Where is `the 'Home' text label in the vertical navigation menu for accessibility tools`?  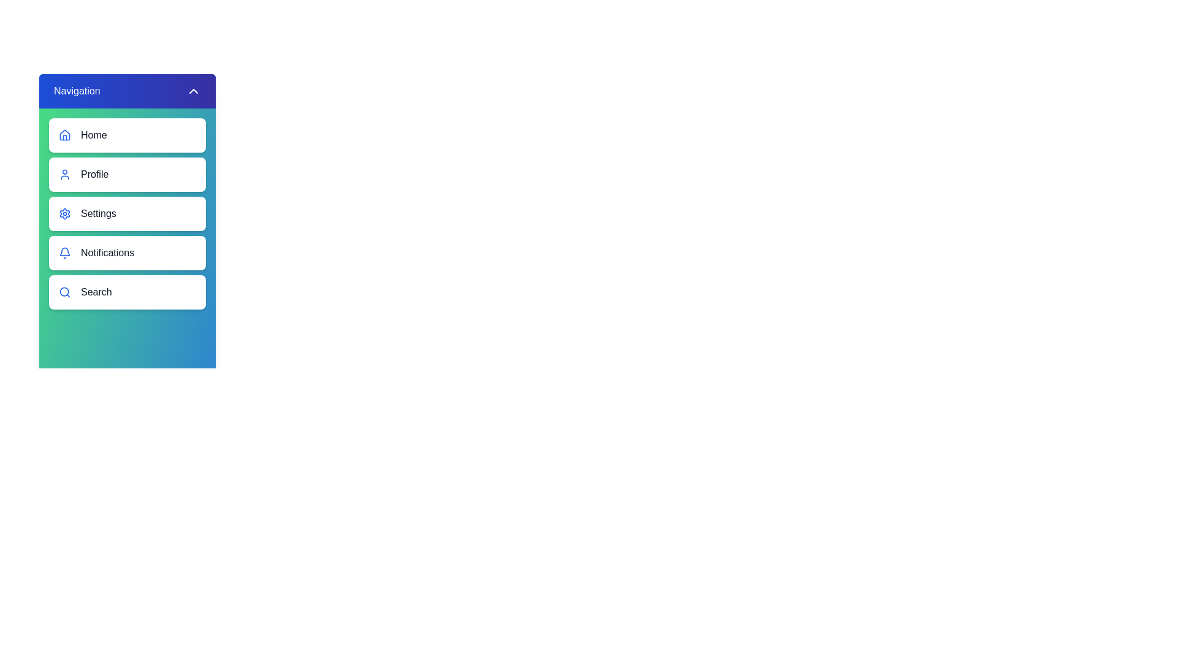 the 'Home' text label in the vertical navigation menu for accessibility tools is located at coordinates (93, 135).